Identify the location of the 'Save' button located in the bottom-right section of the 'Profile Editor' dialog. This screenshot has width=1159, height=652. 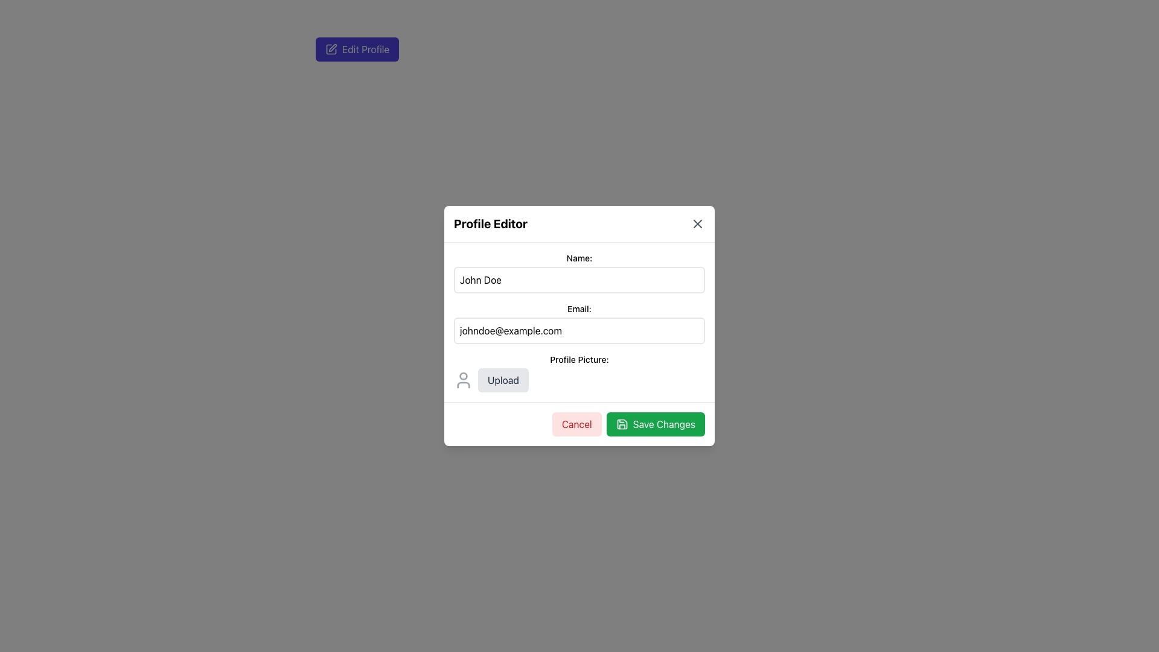
(655, 423).